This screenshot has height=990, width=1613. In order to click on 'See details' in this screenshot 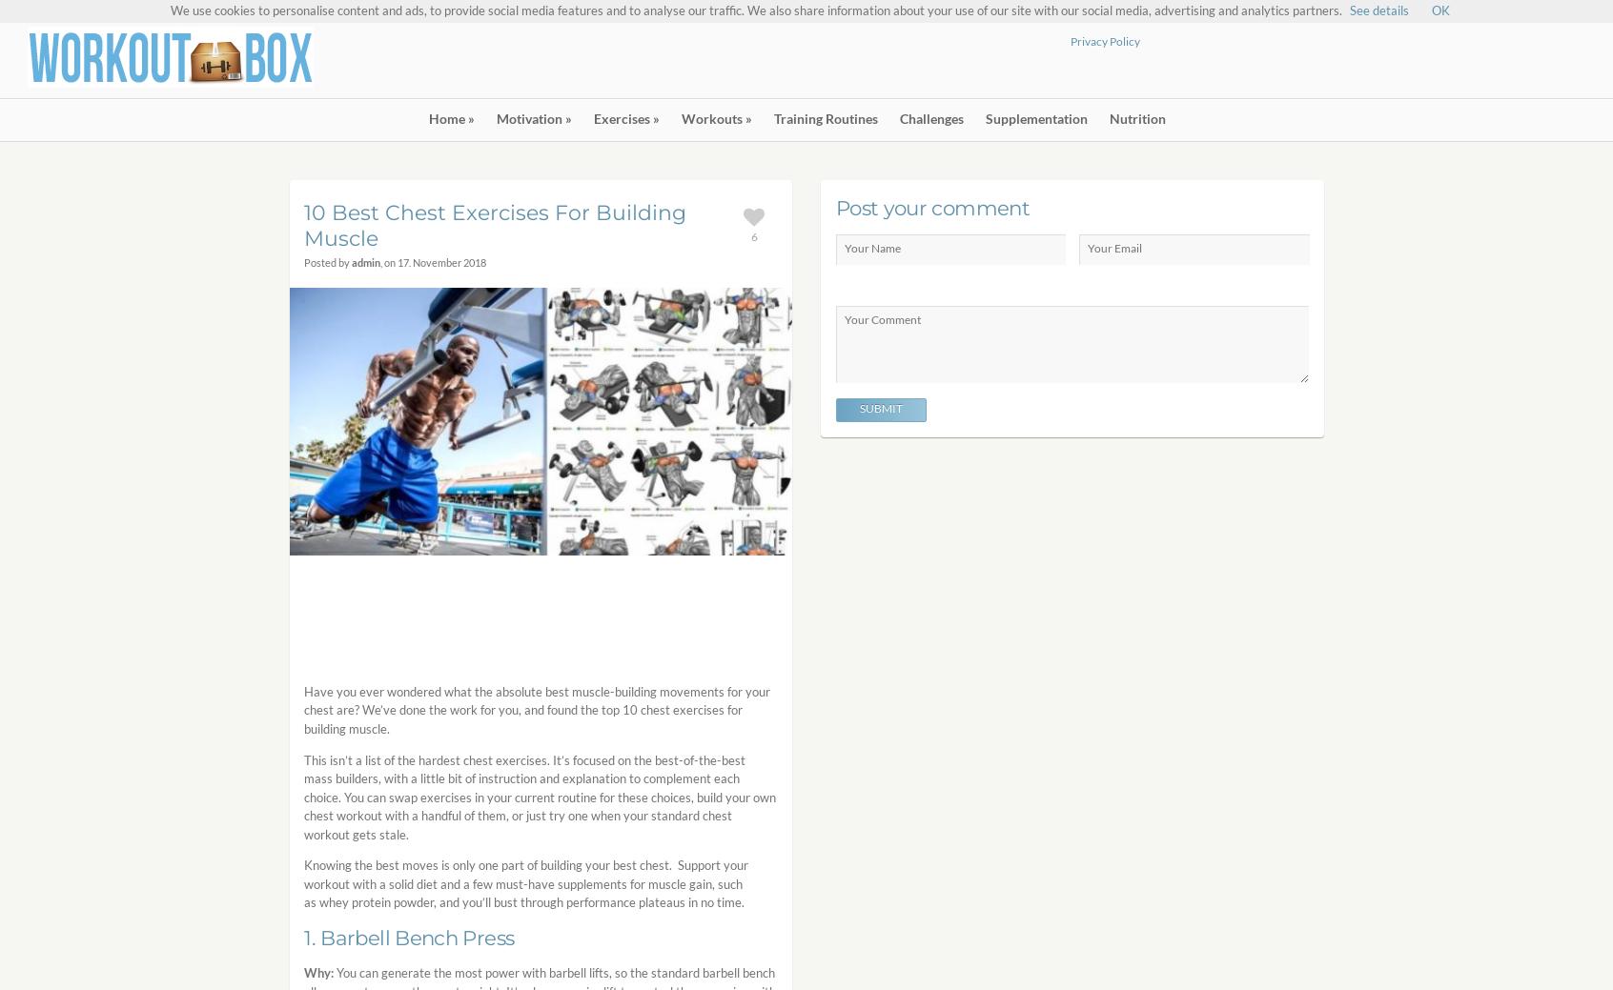, I will do `click(1378, 10)`.